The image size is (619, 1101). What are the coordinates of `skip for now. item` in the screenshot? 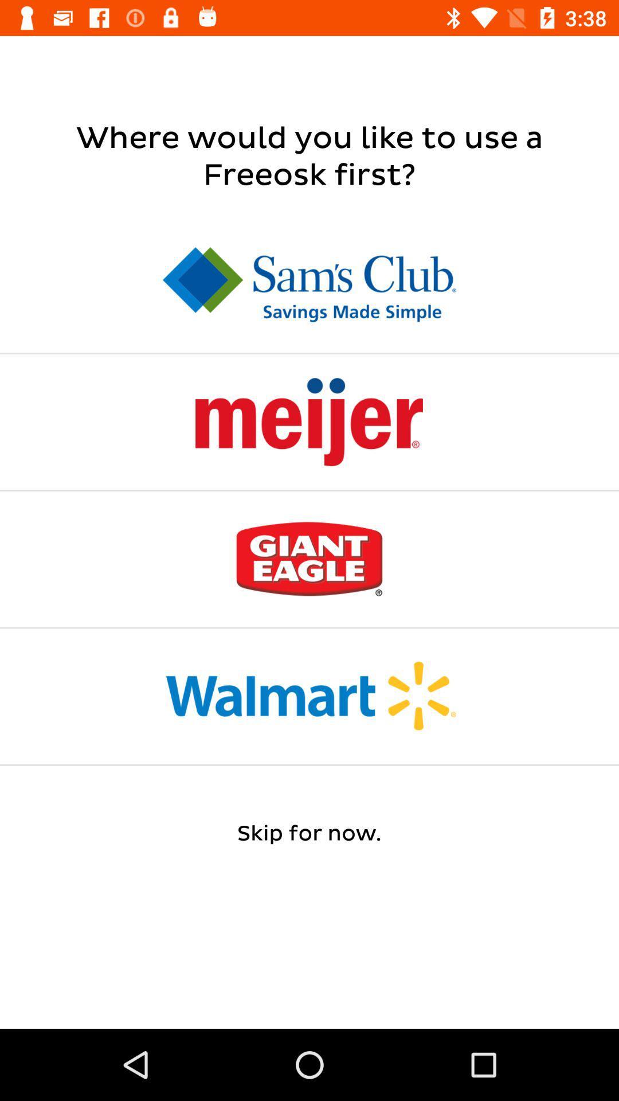 It's located at (309, 833).